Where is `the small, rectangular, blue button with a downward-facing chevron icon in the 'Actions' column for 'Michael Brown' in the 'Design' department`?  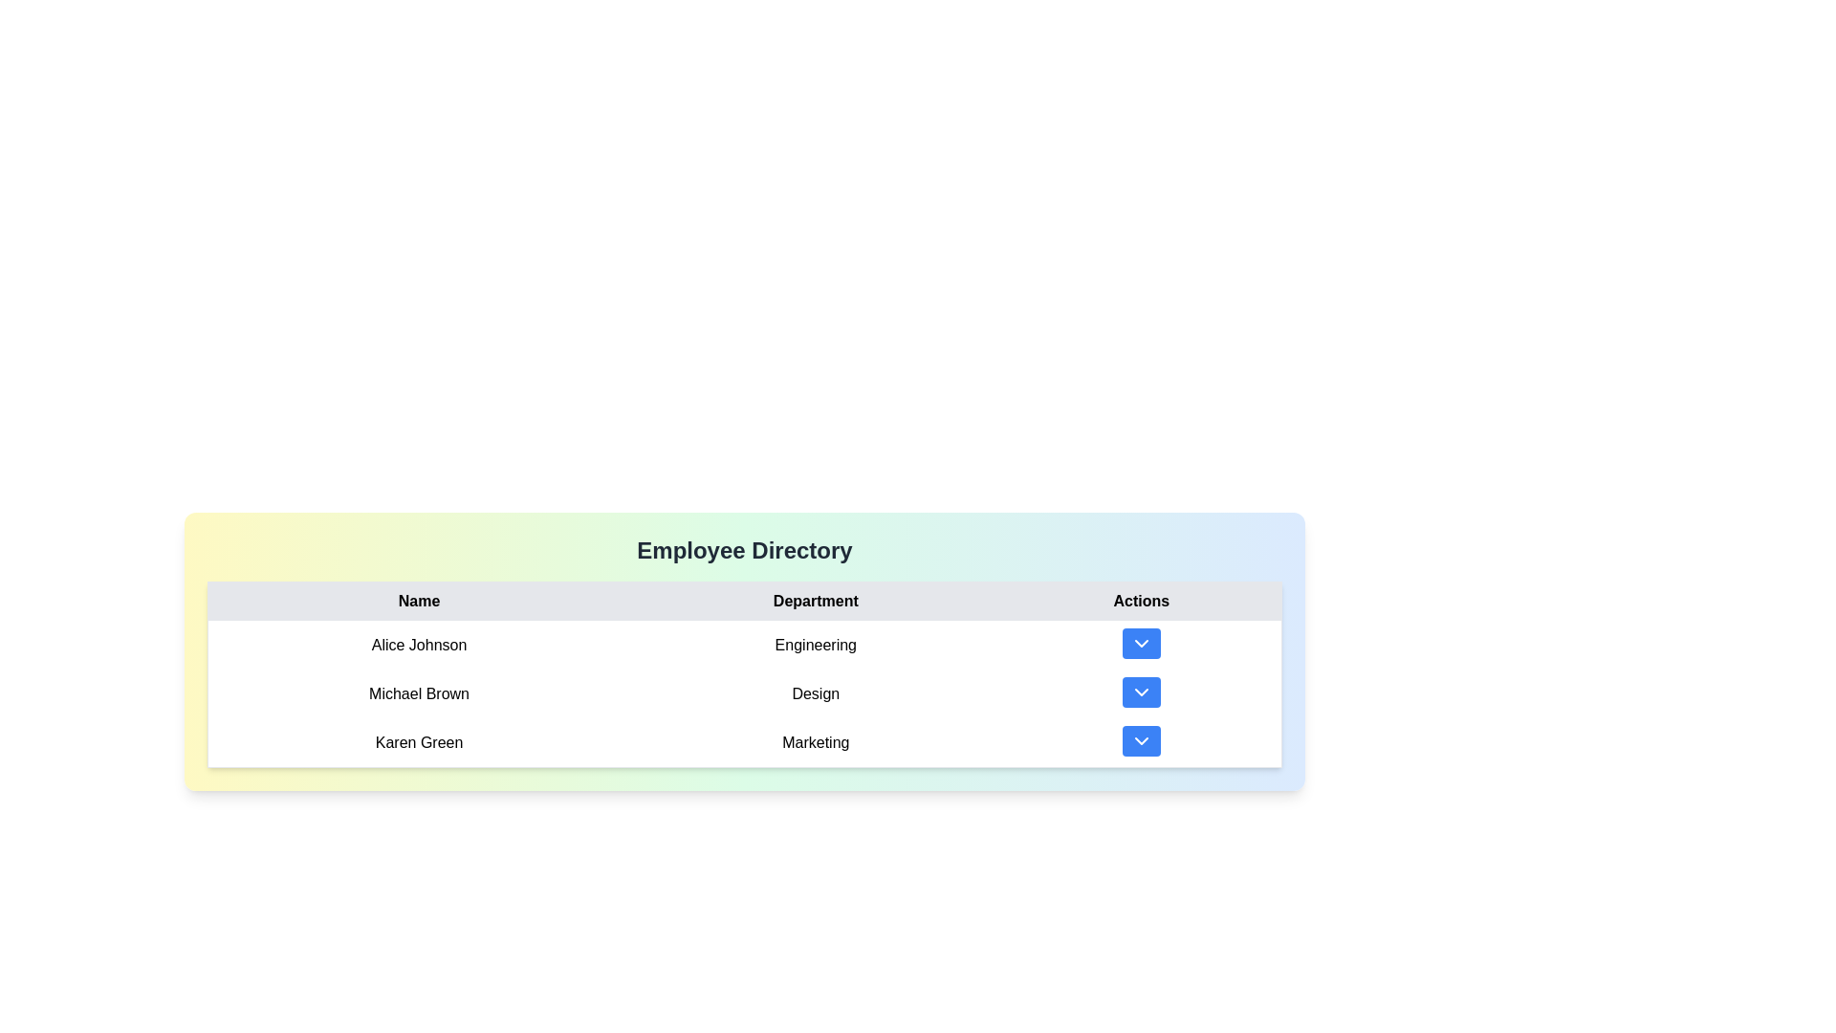
the small, rectangular, blue button with a downward-facing chevron icon in the 'Actions' column for 'Michael Brown' in the 'Design' department is located at coordinates (1142, 693).